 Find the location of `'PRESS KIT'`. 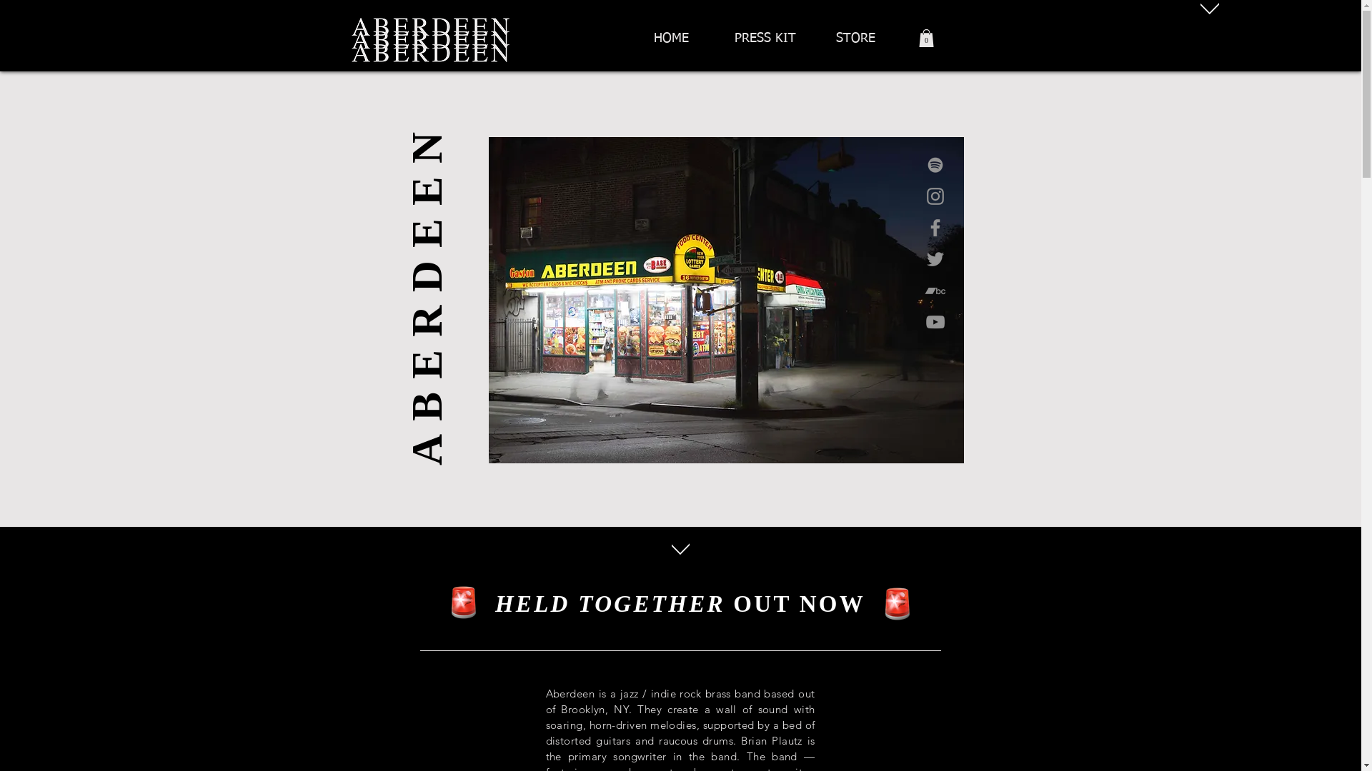

'PRESS KIT' is located at coordinates (765, 38).